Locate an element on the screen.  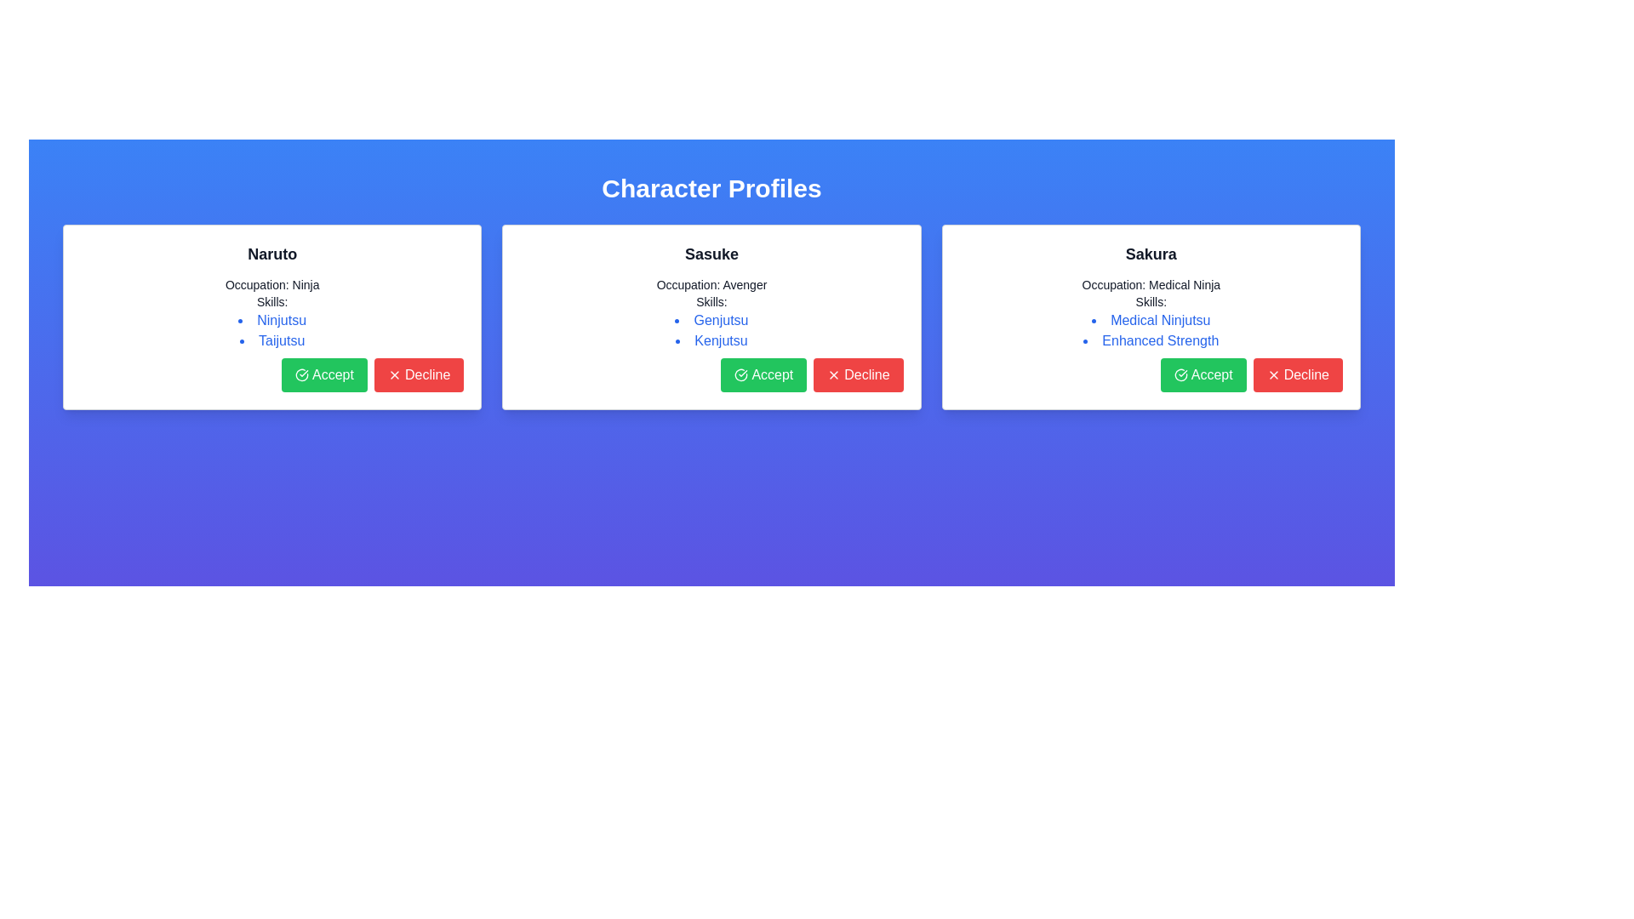
the static text label displaying 'Ninjutsu' in the skills list of Naruto's profile card, positioned above 'Taijutsu' is located at coordinates (272, 321).